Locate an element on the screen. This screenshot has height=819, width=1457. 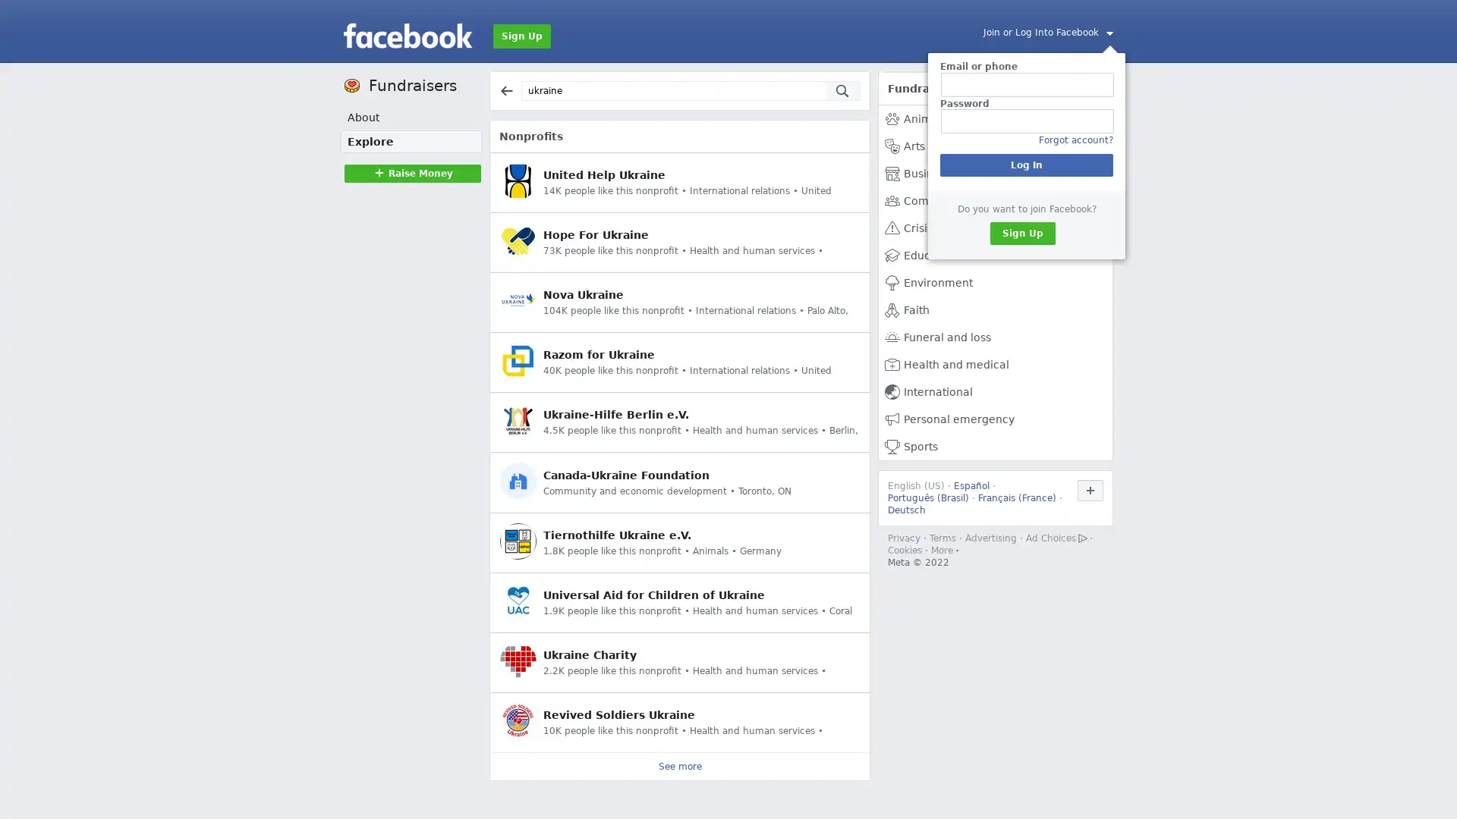
Sign Up is located at coordinates (521, 35).